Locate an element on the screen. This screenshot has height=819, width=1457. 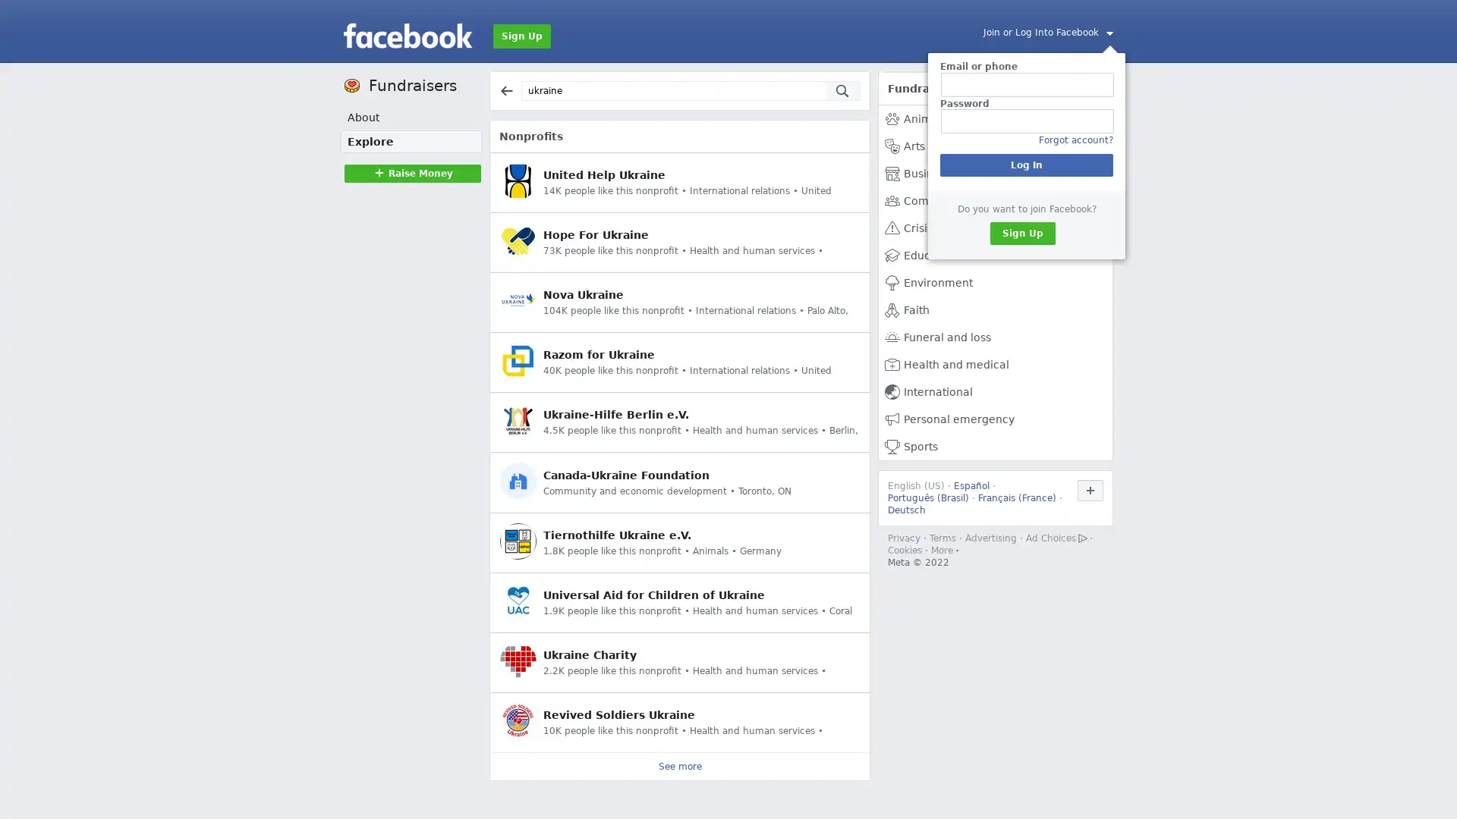
Sign Up is located at coordinates (521, 35).